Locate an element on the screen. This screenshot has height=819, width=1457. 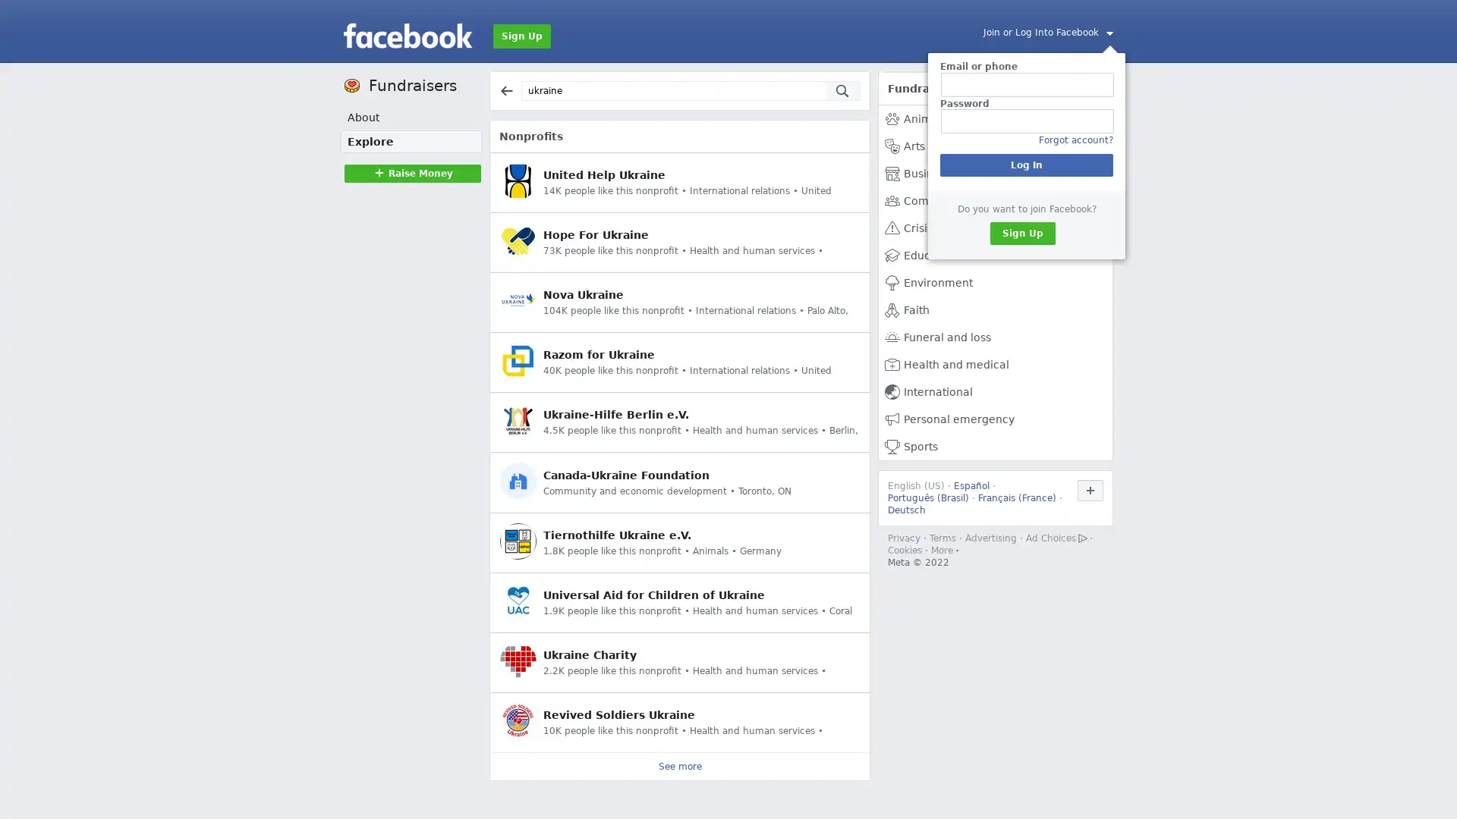
Sign Up is located at coordinates (521, 35).